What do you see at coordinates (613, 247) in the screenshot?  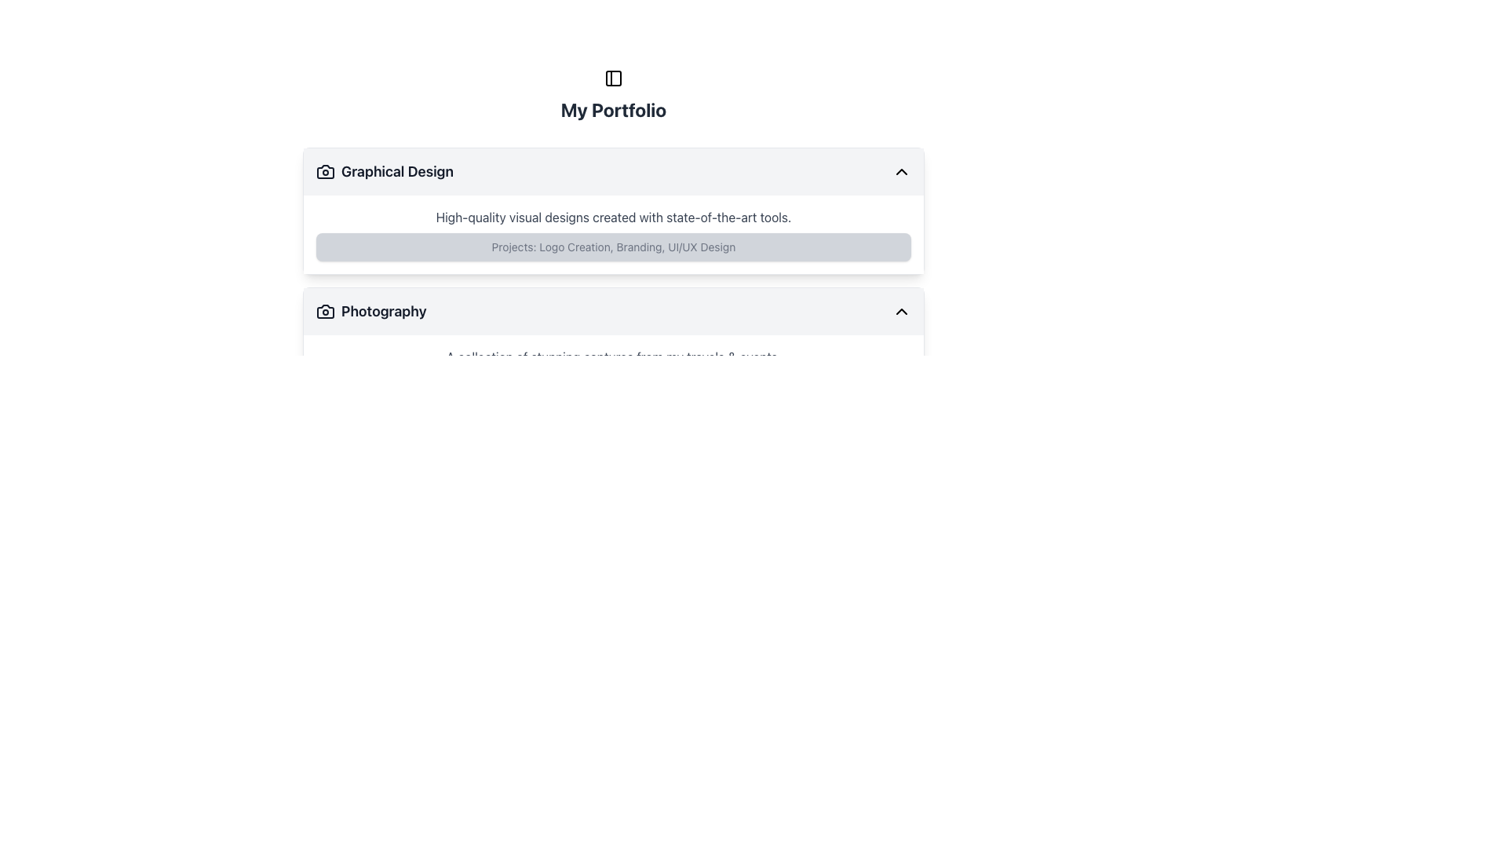 I see `the Text Label that describes the projects associated with the 'Graphical Design' section, which is located under the heading in the 'My Portfolio' section` at bounding box center [613, 247].